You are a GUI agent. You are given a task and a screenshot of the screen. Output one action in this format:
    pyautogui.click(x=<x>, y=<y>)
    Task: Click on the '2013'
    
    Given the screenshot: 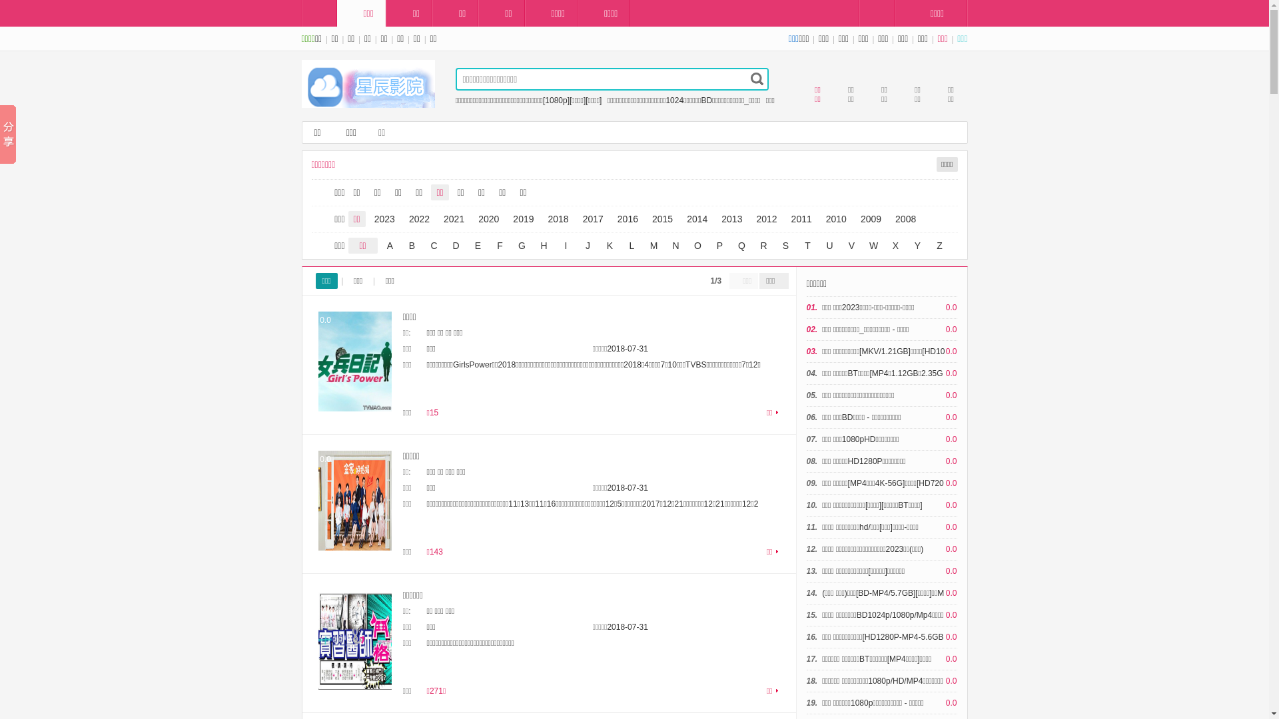 What is the action you would take?
    pyautogui.click(x=731, y=218)
    